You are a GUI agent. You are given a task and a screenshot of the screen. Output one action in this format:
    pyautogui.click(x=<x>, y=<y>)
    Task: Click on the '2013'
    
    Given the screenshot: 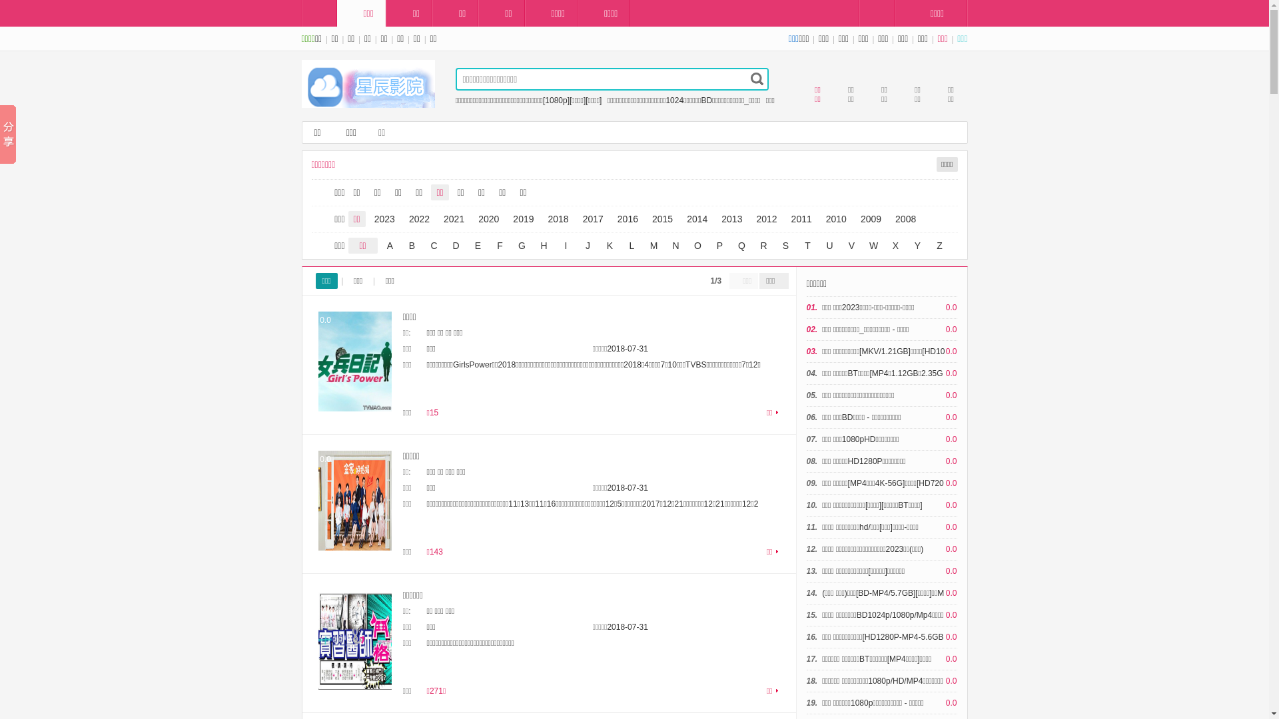 What is the action you would take?
    pyautogui.click(x=731, y=218)
    